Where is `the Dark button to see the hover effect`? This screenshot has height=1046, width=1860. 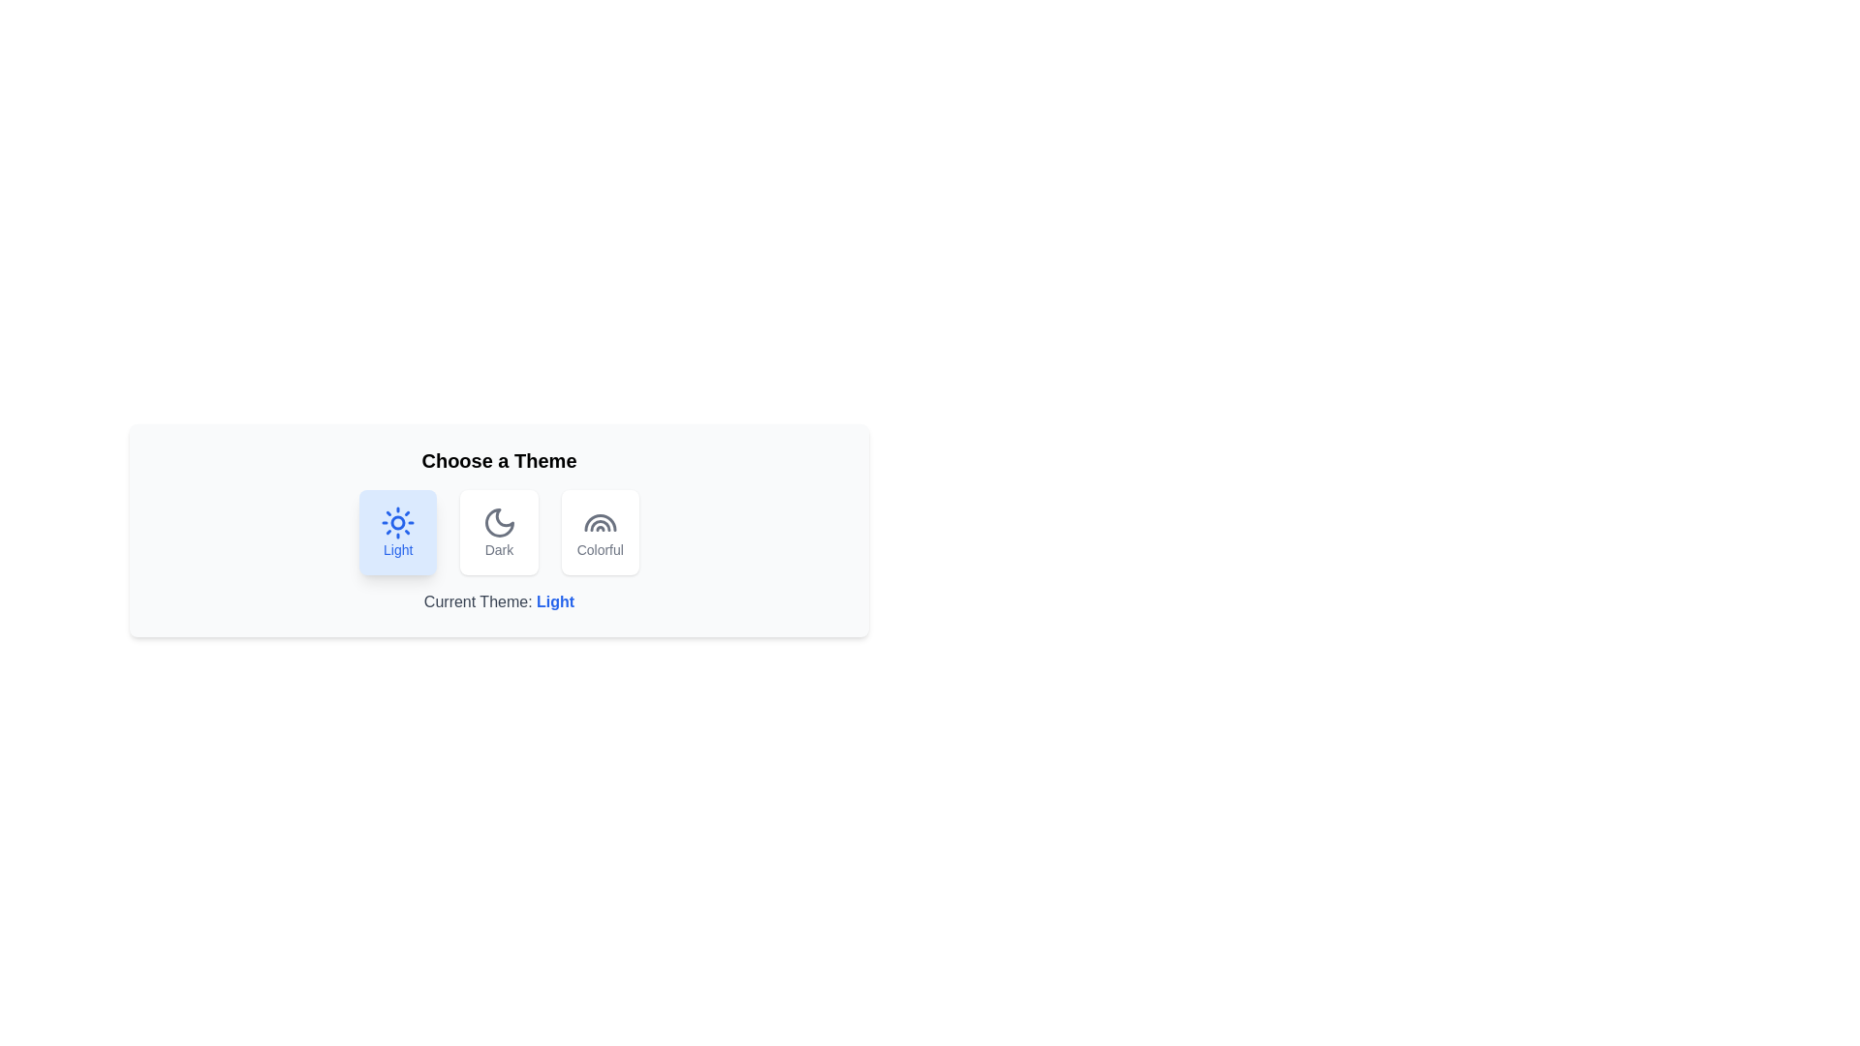
the Dark button to see the hover effect is located at coordinates (499, 533).